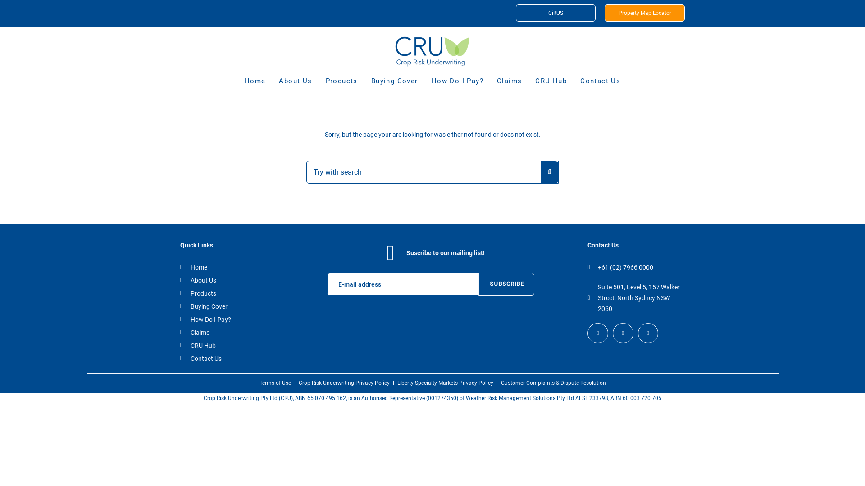 The height and width of the screenshot is (486, 865). I want to click on 'Home', so click(180, 267).